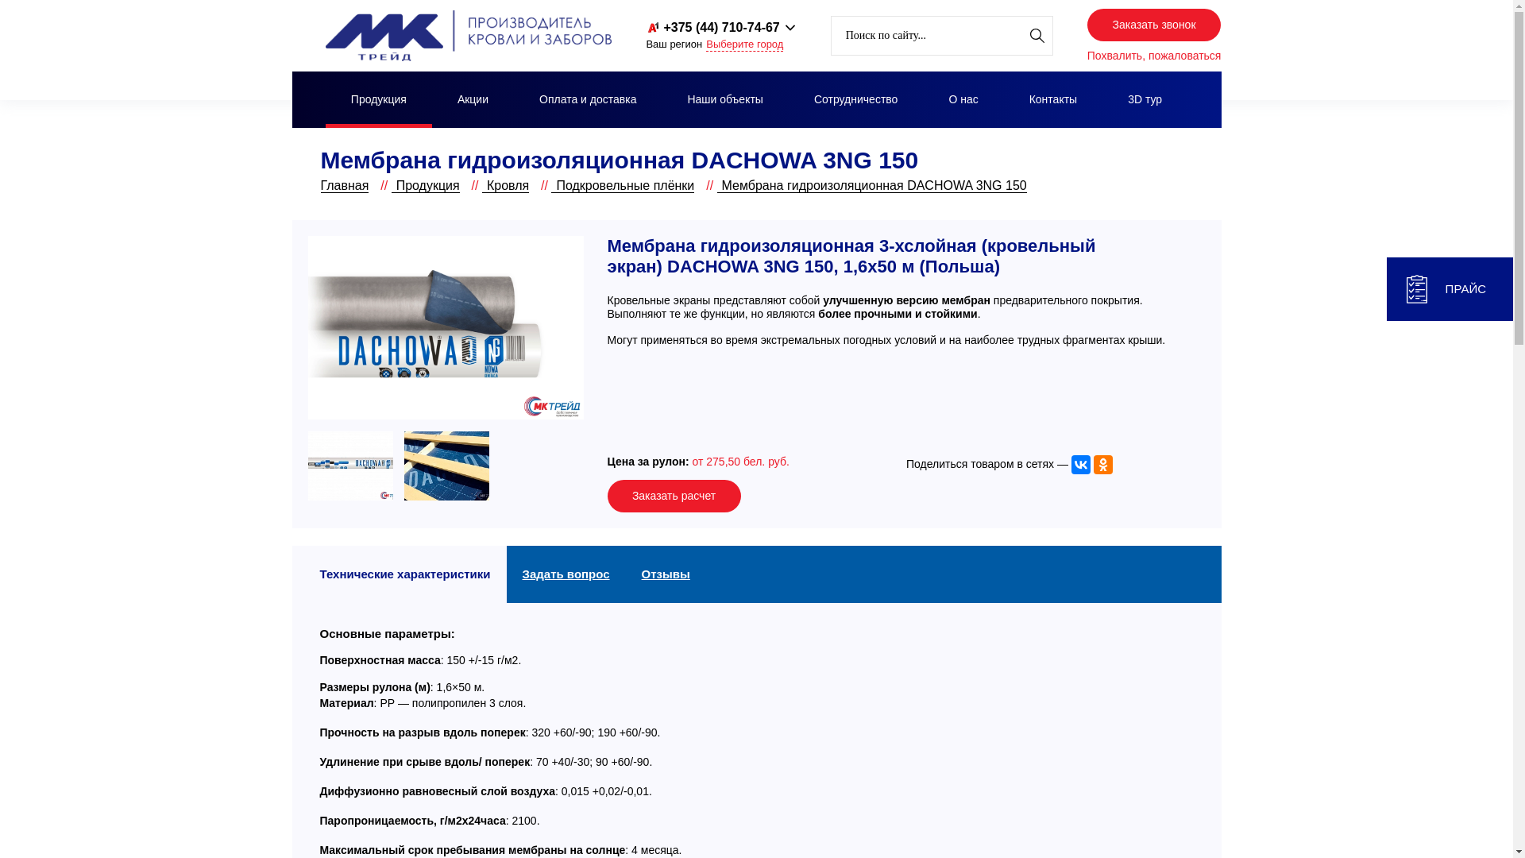  I want to click on '+375 (44) 710-74-67', so click(712, 27).